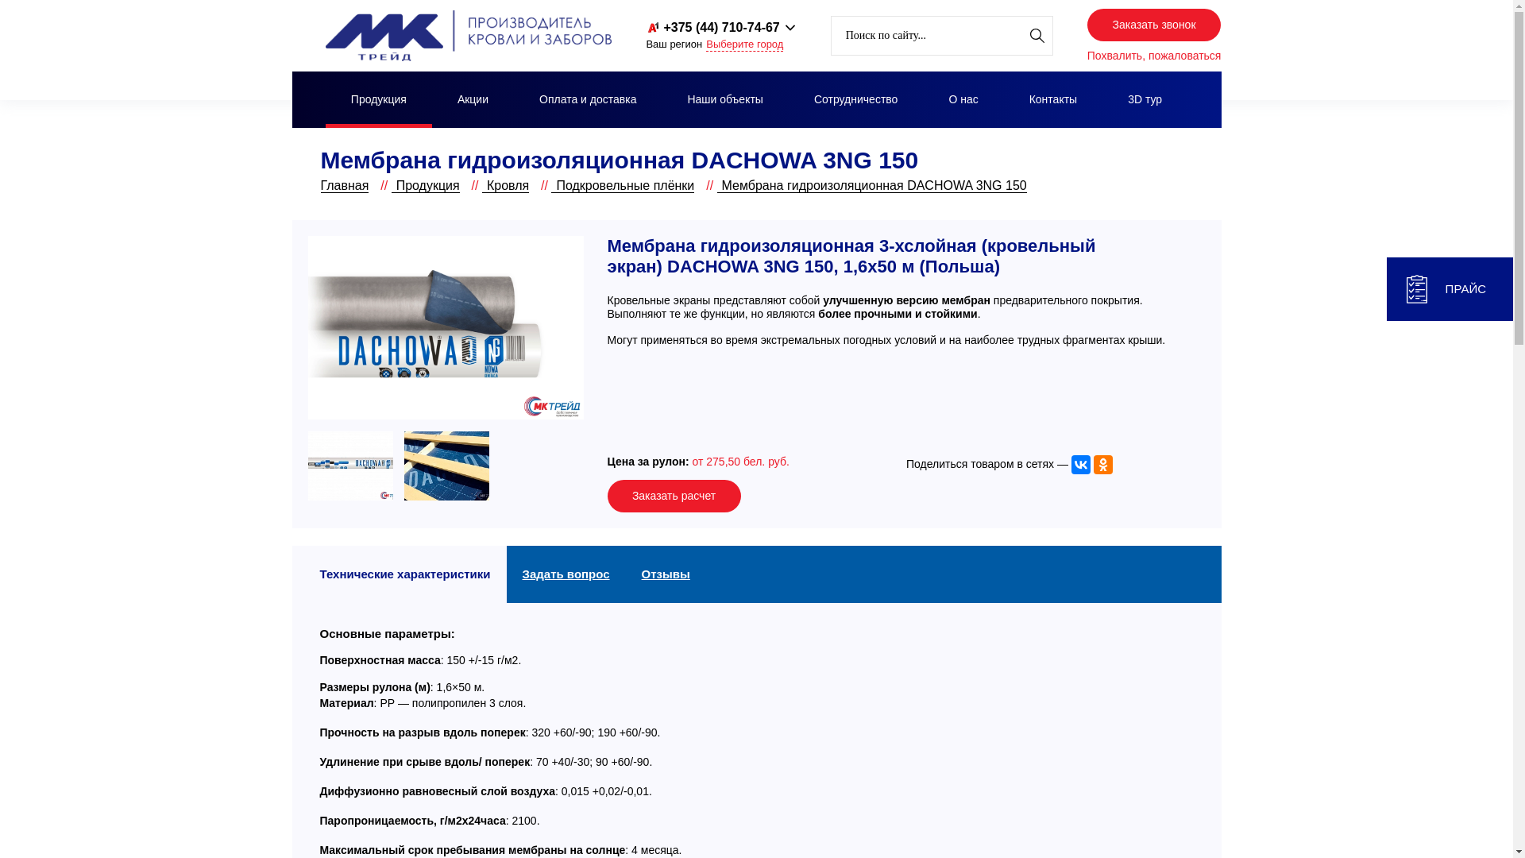  I want to click on '+375 (44) 710-74-67', so click(712, 27).